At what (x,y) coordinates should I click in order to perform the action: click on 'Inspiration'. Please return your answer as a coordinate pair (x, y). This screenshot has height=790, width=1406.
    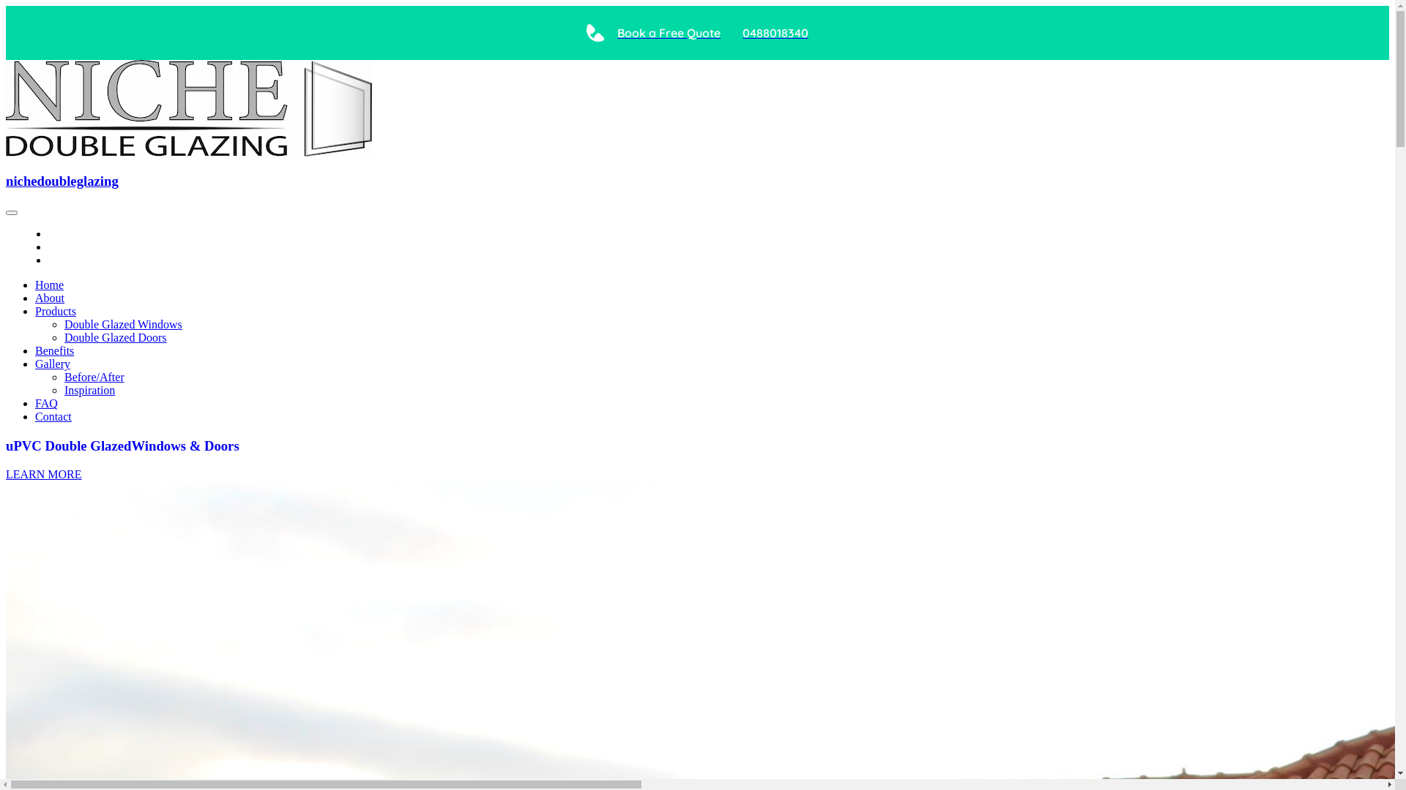
    Looking at the image, I should click on (63, 389).